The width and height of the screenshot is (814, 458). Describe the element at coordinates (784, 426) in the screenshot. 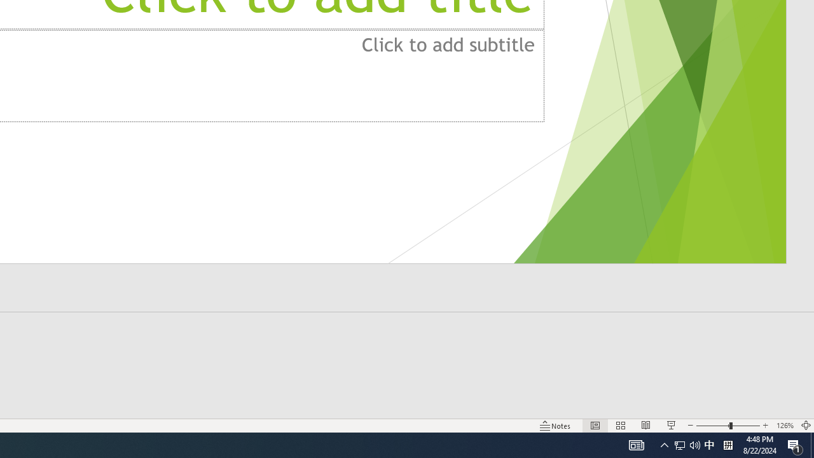

I see `'Zoom 126%'` at that location.